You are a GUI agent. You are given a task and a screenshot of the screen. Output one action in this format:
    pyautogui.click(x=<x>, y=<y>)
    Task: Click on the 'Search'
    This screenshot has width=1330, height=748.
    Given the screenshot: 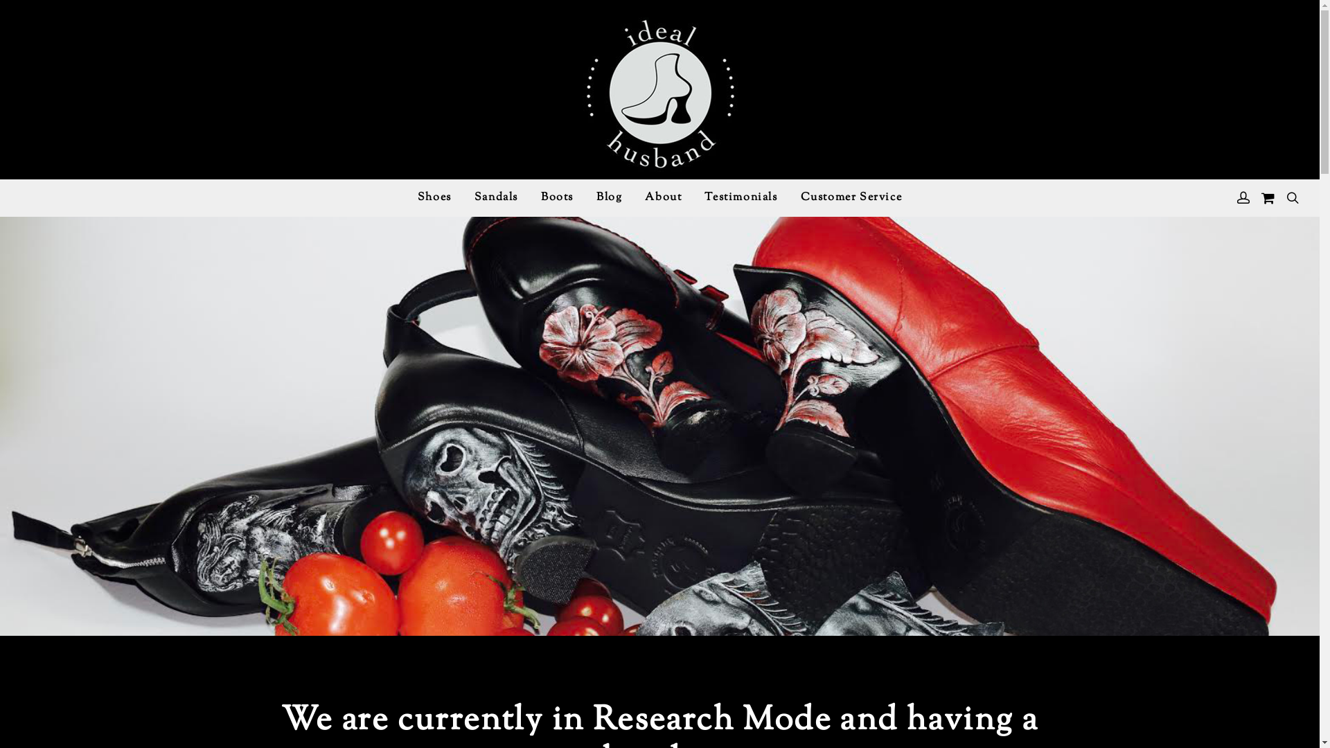 What is the action you would take?
    pyautogui.click(x=901, y=373)
    